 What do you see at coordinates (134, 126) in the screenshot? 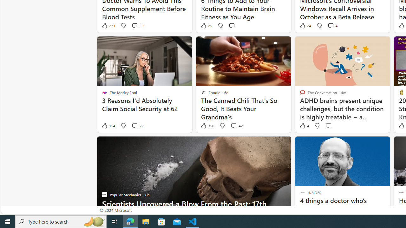
I see `'View comments 77 Comment'` at bounding box center [134, 126].